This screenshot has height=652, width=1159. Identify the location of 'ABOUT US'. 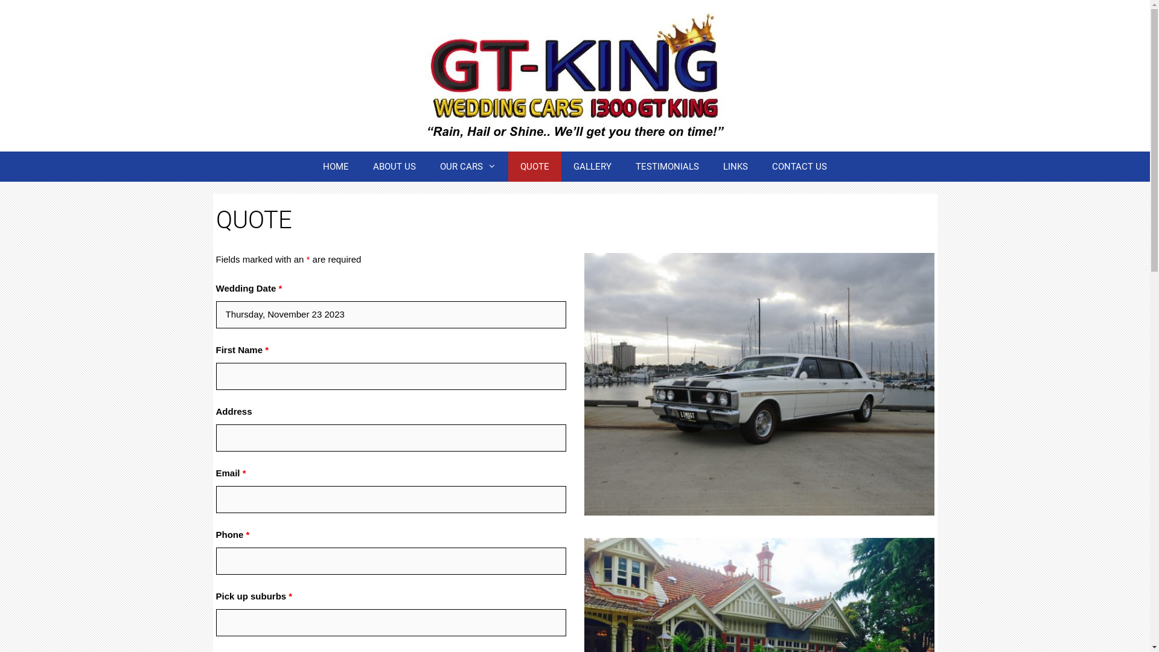
(394, 167).